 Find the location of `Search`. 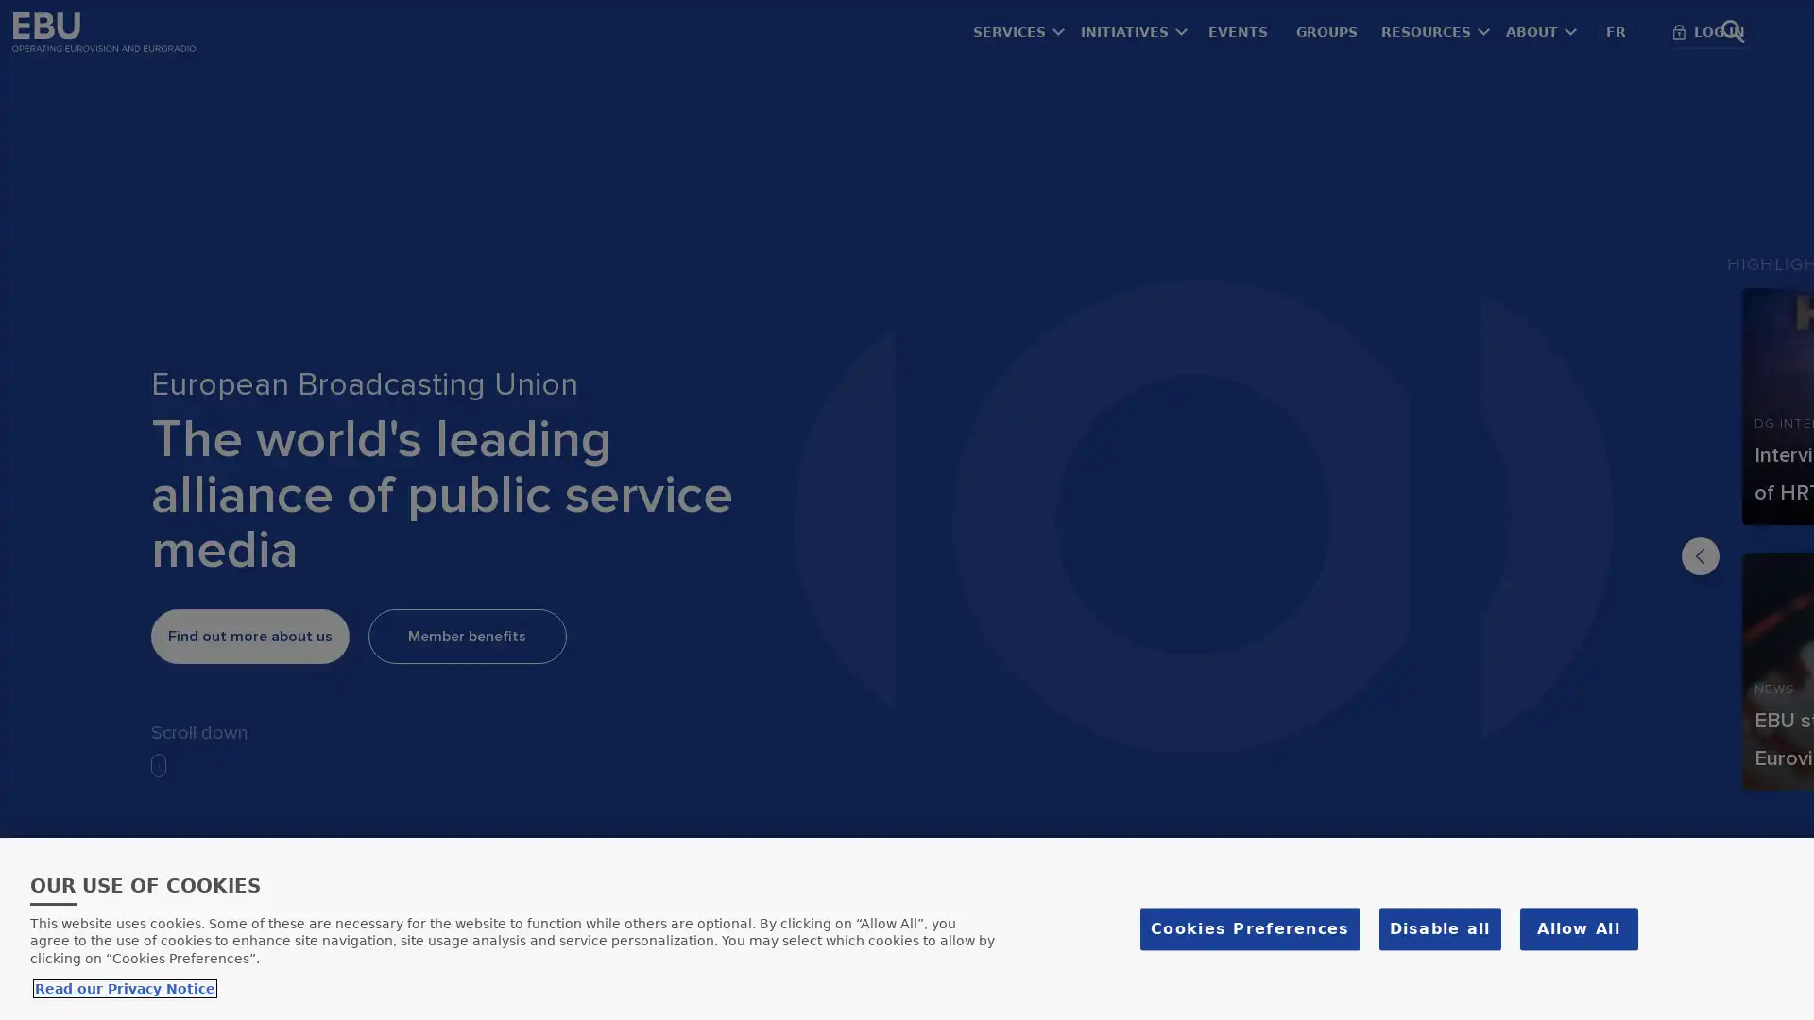

Search is located at coordinates (1787, 31).